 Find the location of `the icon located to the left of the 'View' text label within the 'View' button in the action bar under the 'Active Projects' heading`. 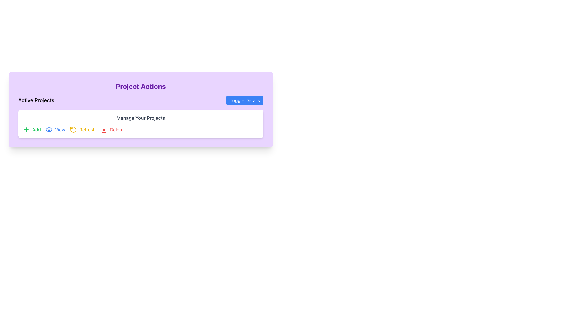

the icon located to the left of the 'View' text label within the 'View' button in the action bar under the 'Active Projects' heading is located at coordinates (49, 129).